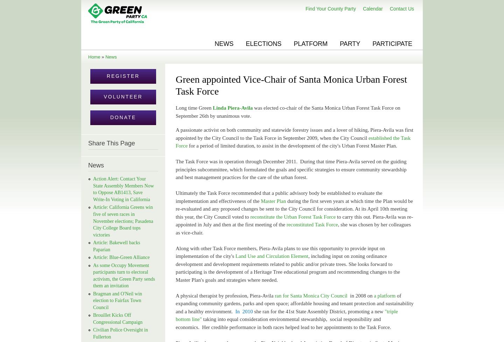 The width and height of the screenshot is (504, 342). I want to click on 'to carry this out. Piera-Avila was re-appointed in July and then at the first meeting of the', so click(294, 220).